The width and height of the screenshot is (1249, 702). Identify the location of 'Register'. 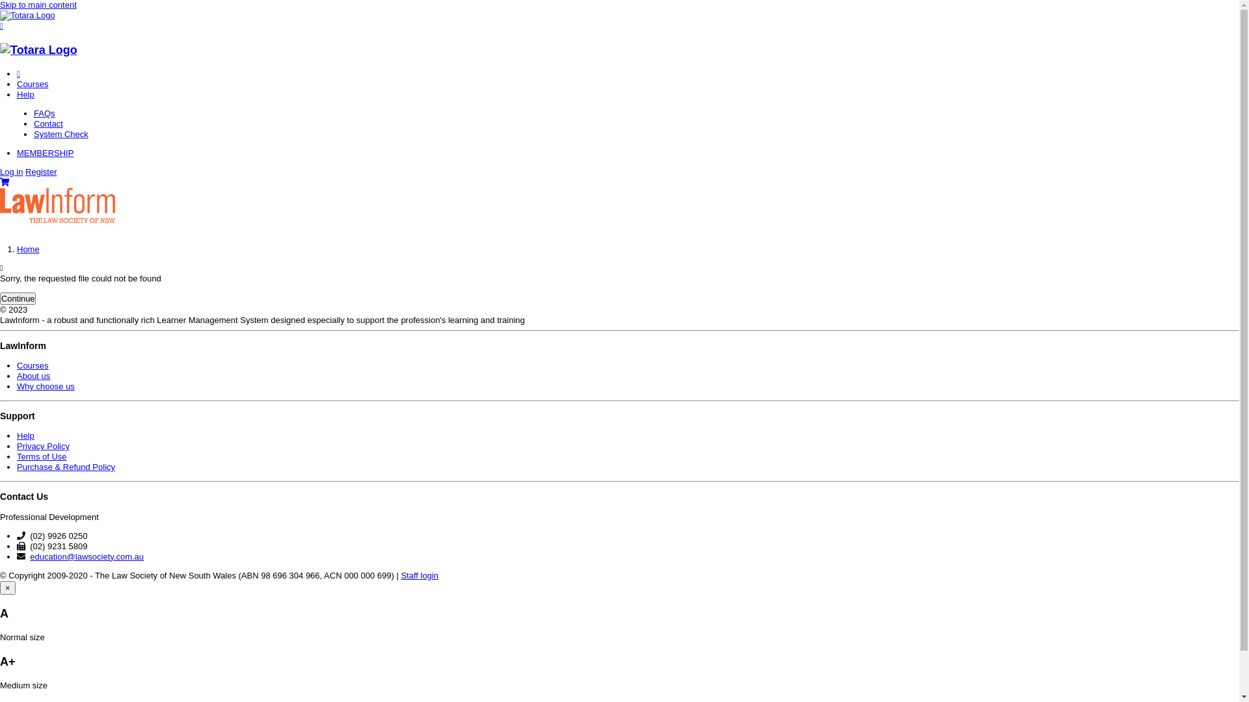
(40, 171).